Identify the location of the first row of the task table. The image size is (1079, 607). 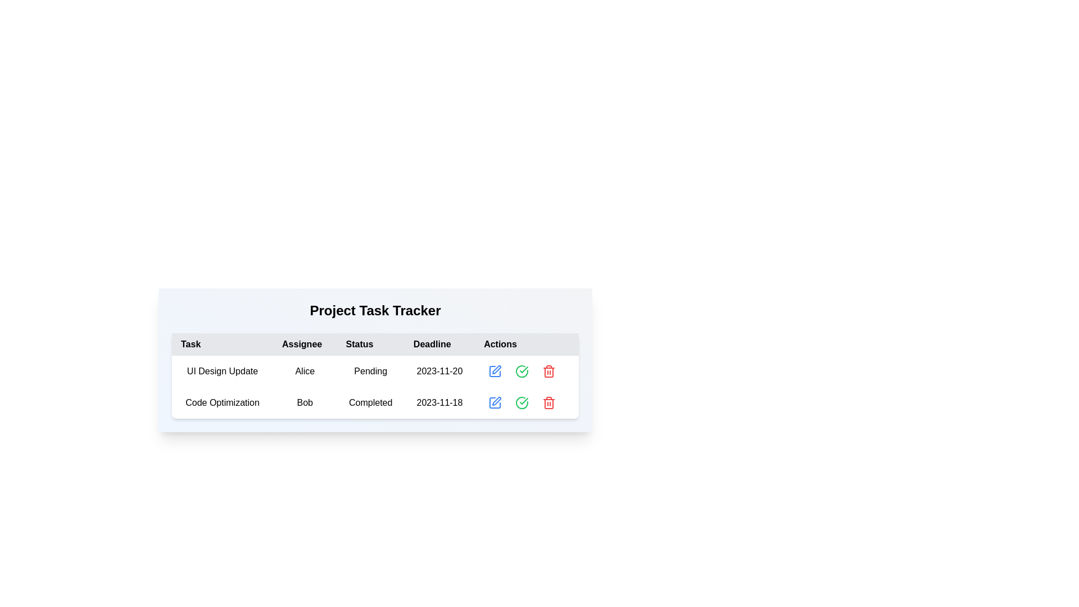
(375, 371).